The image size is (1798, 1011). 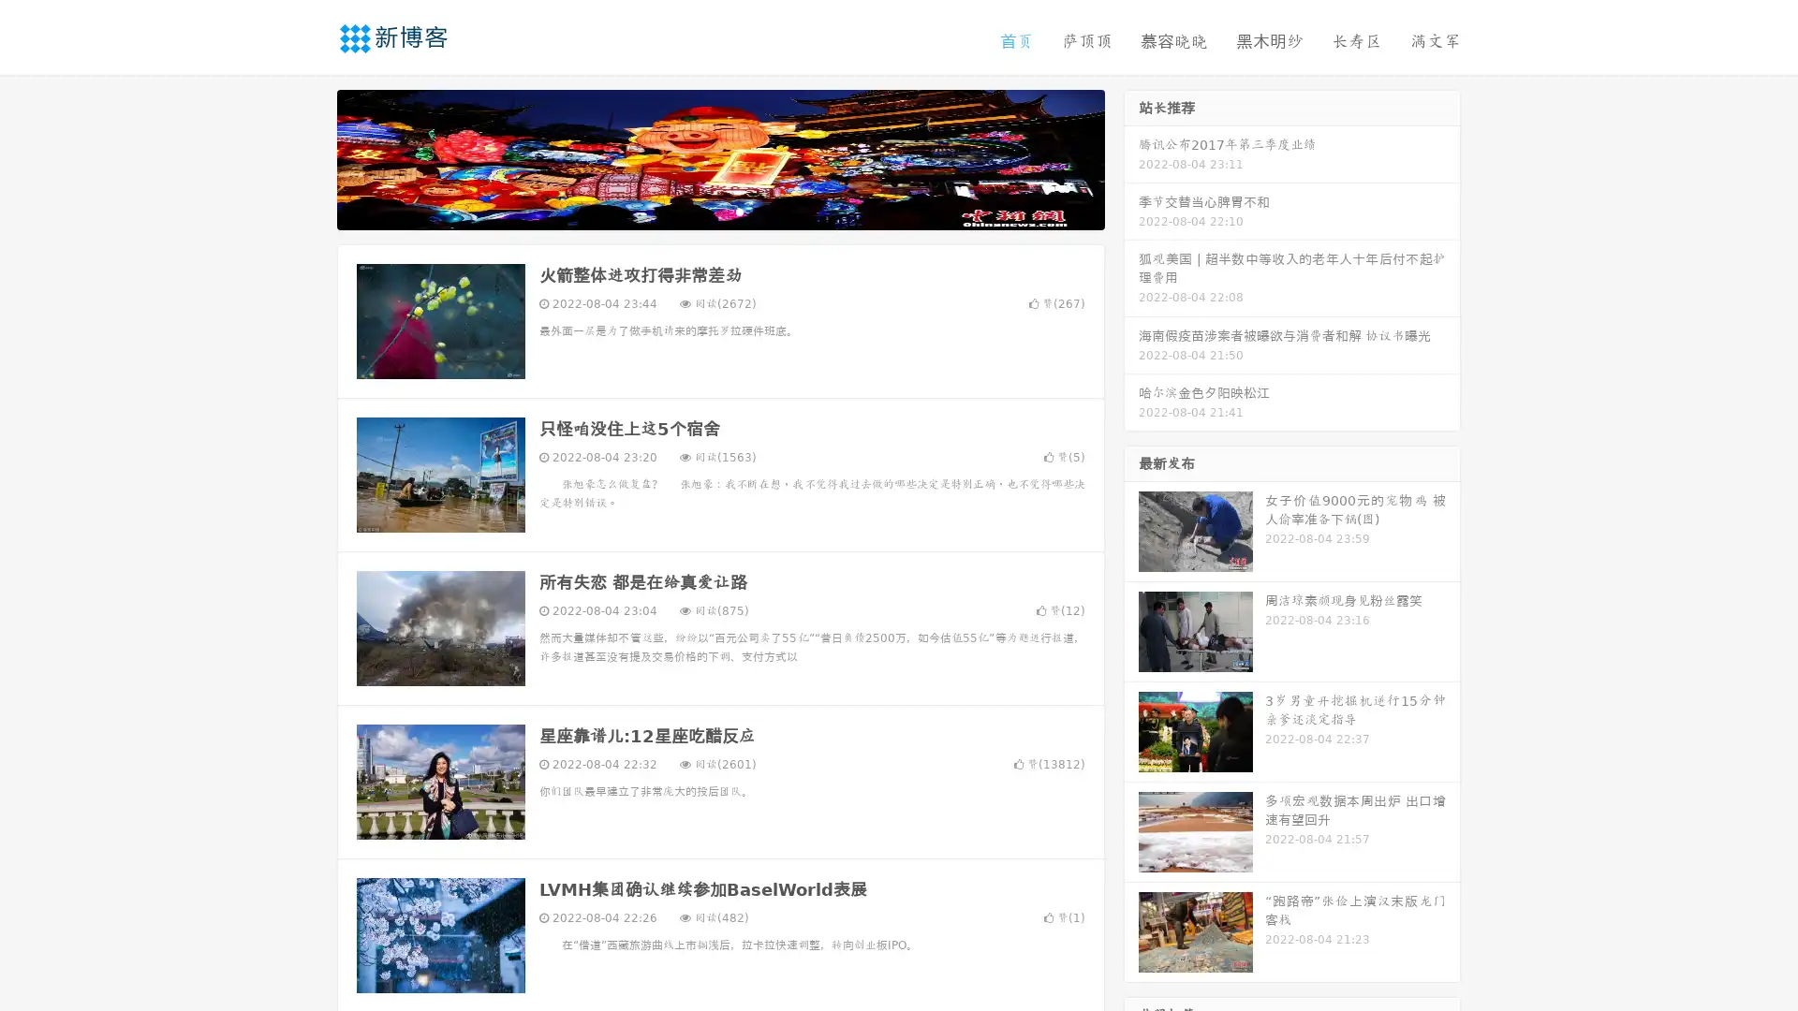 I want to click on Go to slide 3, so click(x=739, y=211).